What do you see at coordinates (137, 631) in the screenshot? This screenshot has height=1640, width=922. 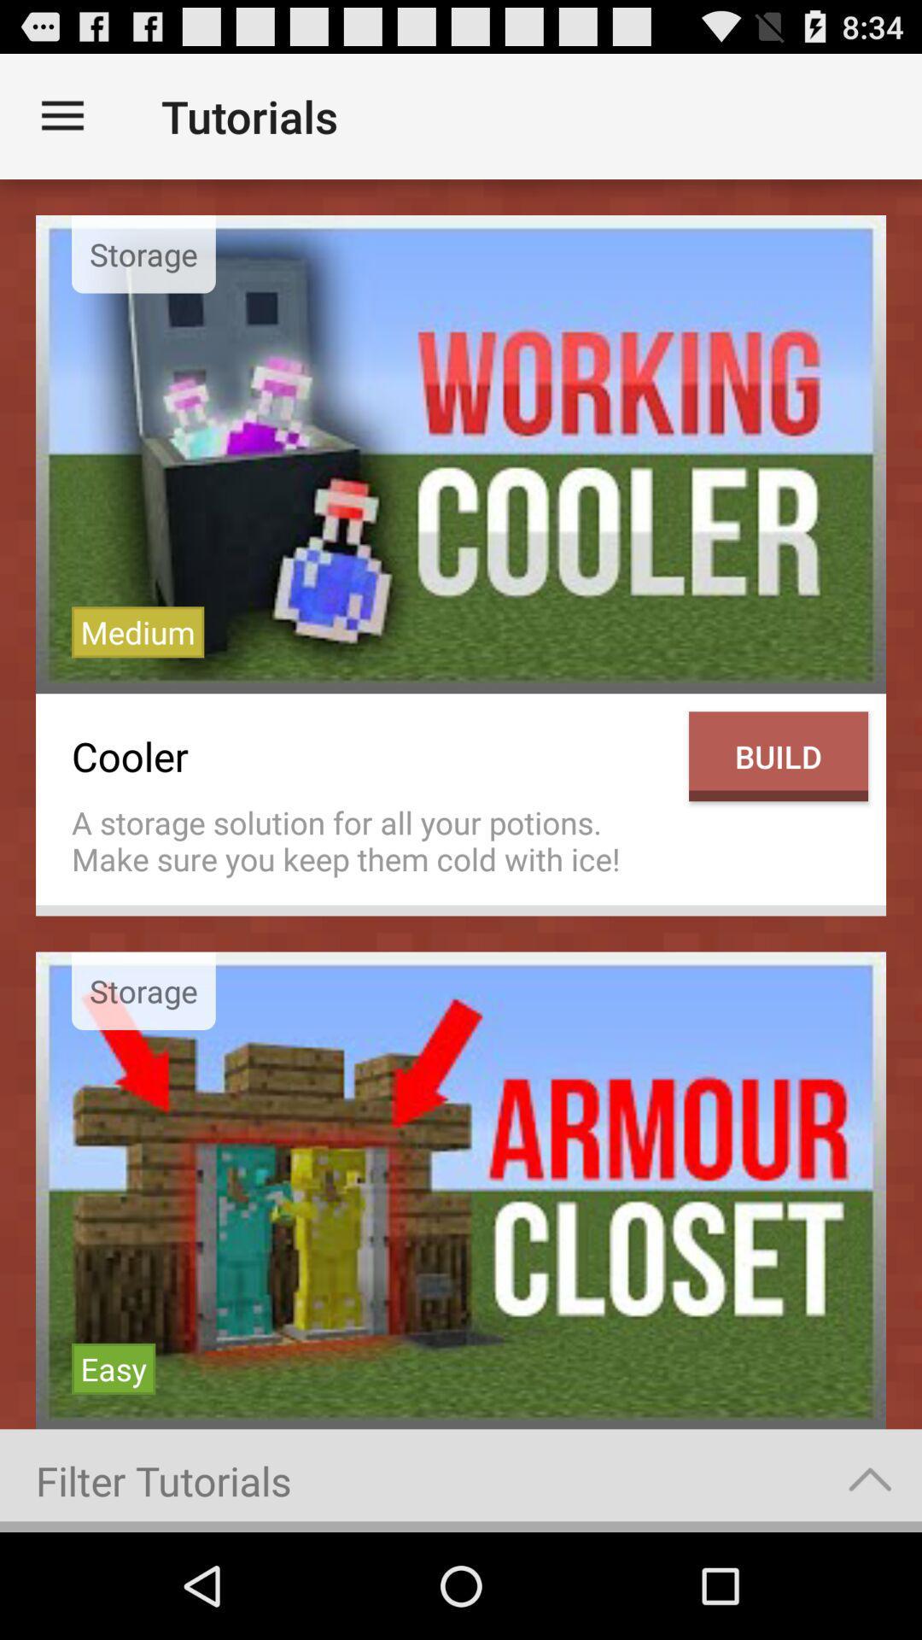 I see `icon above the cooler` at bounding box center [137, 631].